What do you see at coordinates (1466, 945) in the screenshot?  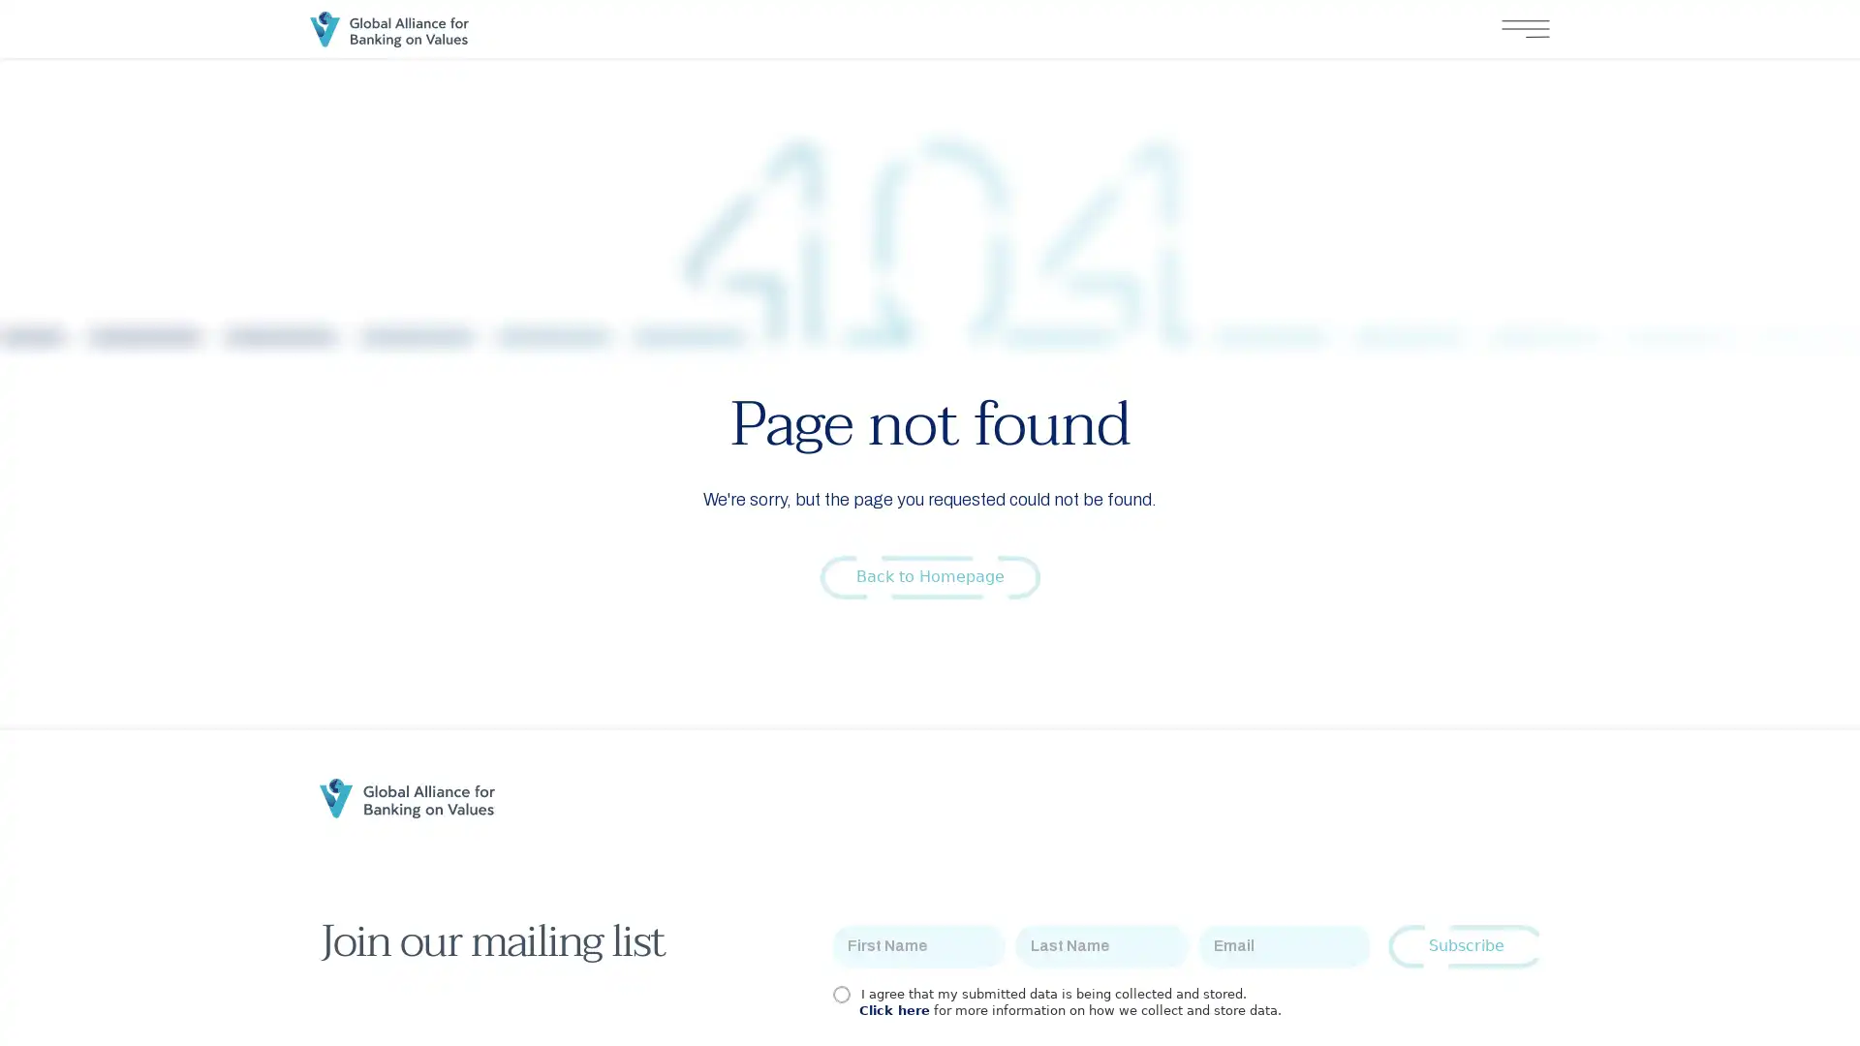 I see `Subscribe` at bounding box center [1466, 945].